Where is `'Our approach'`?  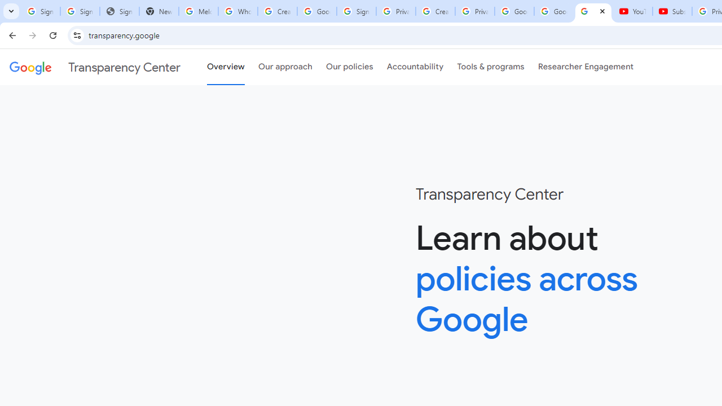 'Our approach' is located at coordinates (285, 67).